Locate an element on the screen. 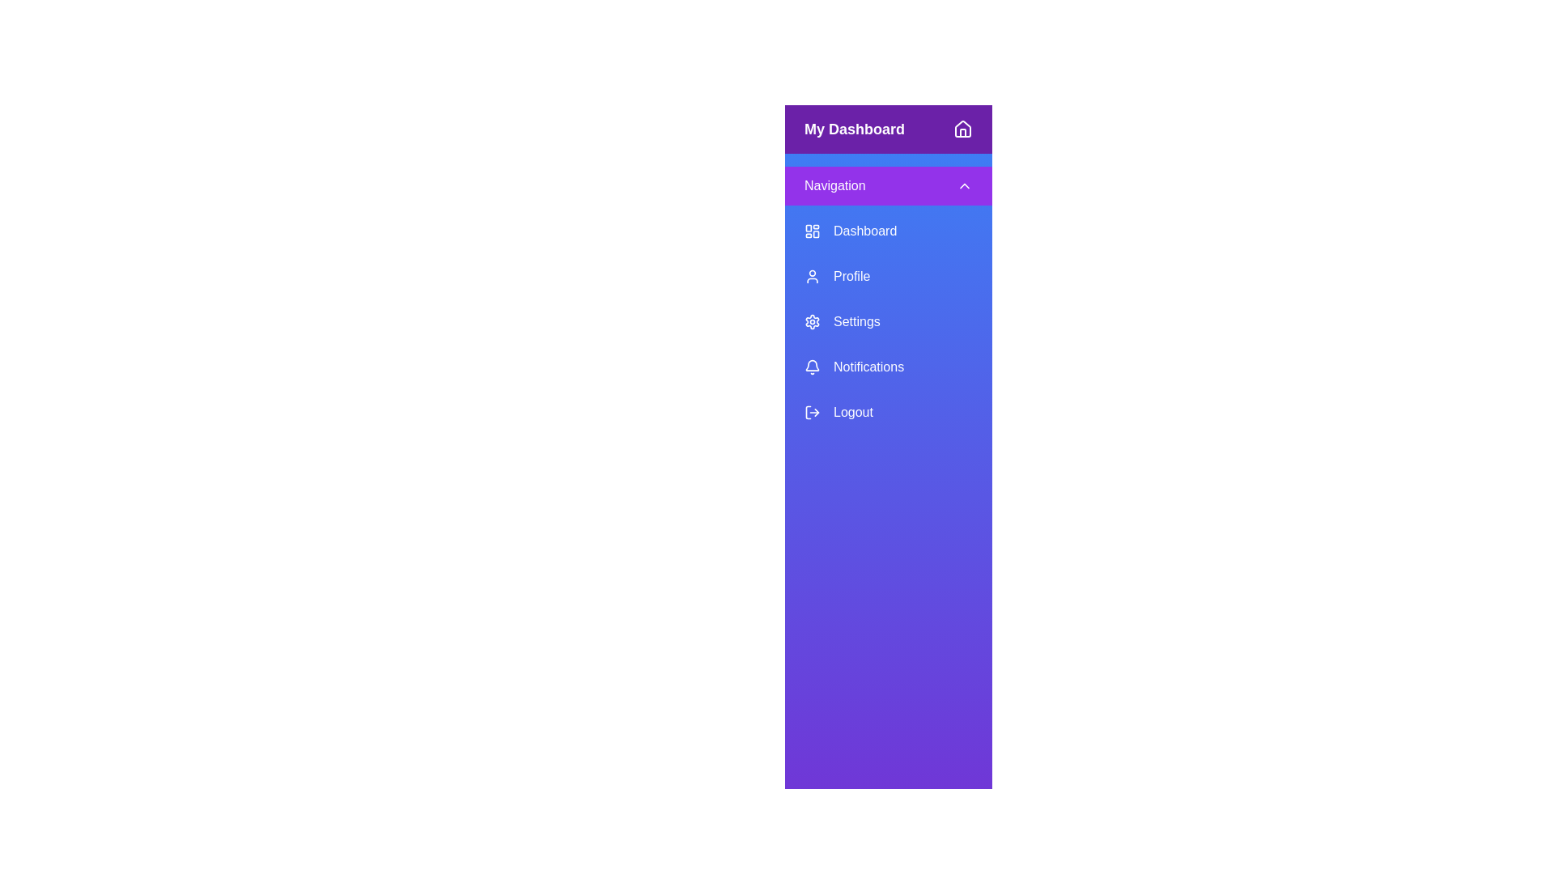  the 'Dashboard' button, which is styled with a blue background and white text, located in the vertical navigation list under the 'Navigation' section is located at coordinates (888, 231).